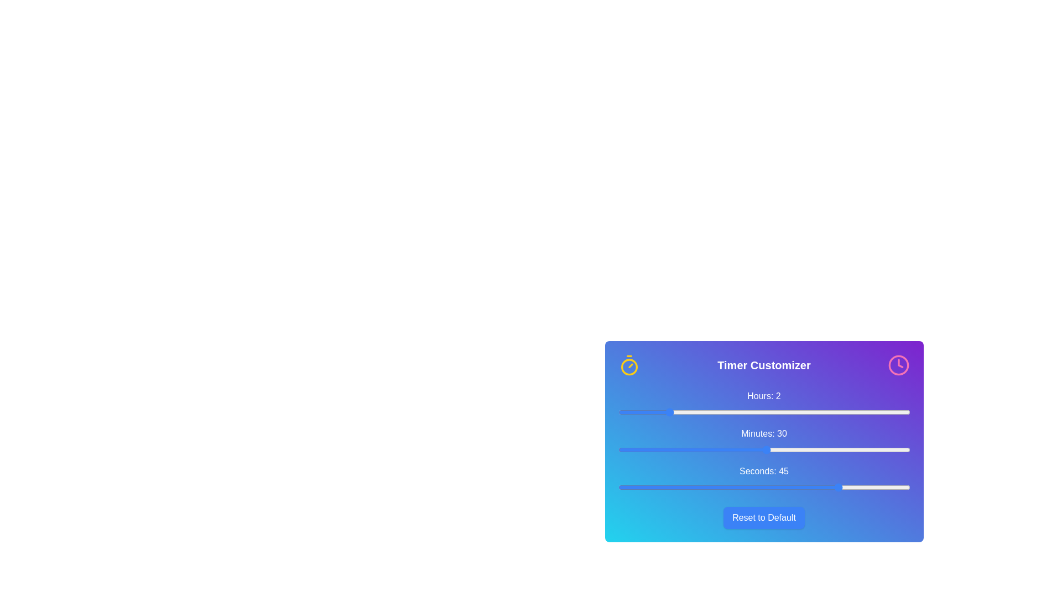  Describe the element at coordinates (633, 487) in the screenshot. I see `the 'seconds' slider to set the value to 3` at that location.